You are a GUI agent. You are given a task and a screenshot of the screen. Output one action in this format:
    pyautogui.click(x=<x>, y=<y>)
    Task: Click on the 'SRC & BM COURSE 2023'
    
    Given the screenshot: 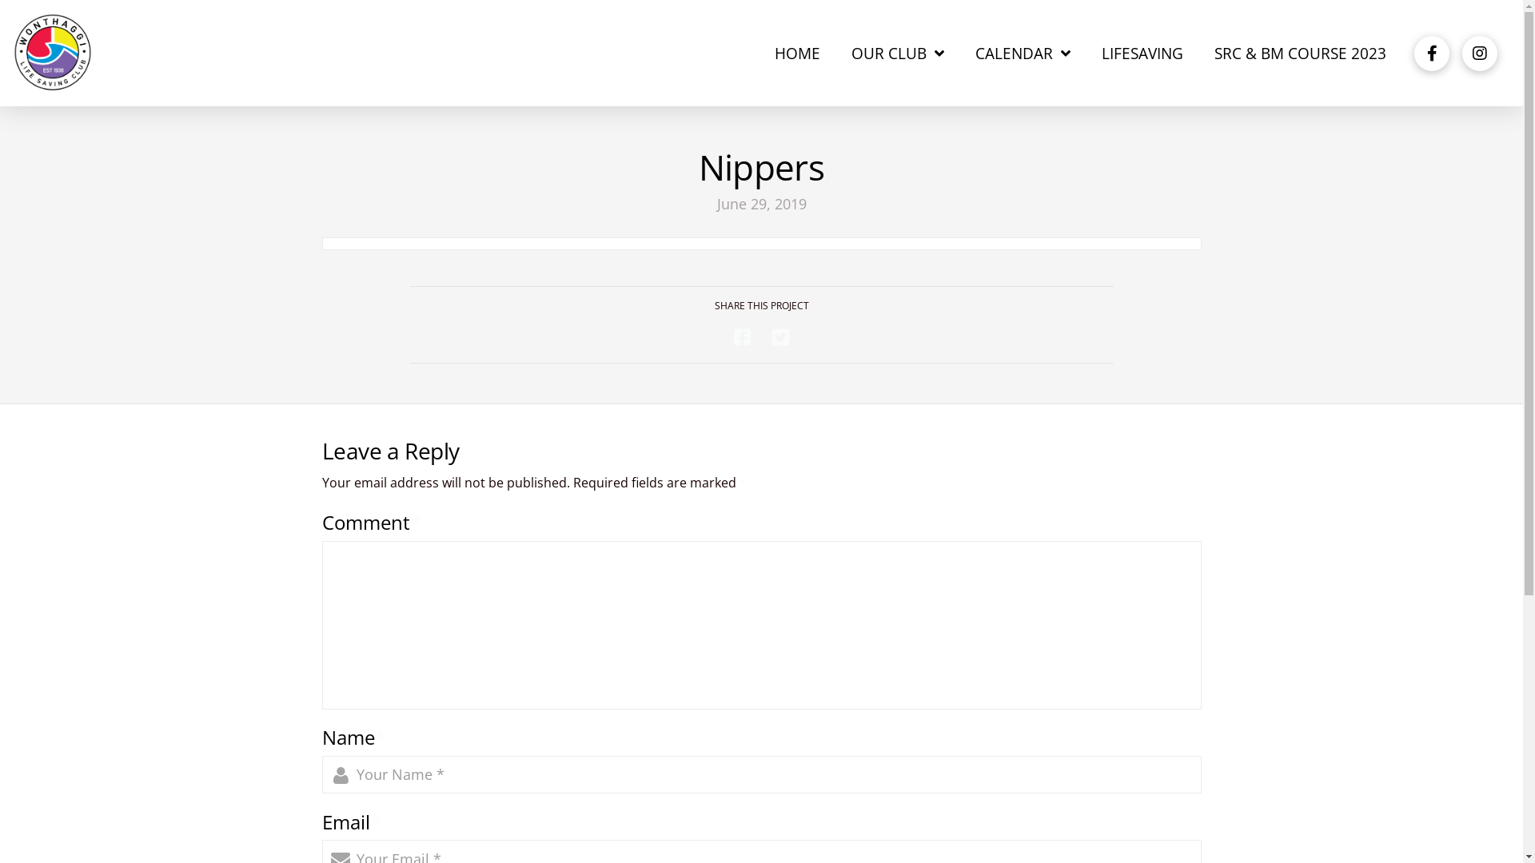 What is the action you would take?
    pyautogui.click(x=1300, y=52)
    